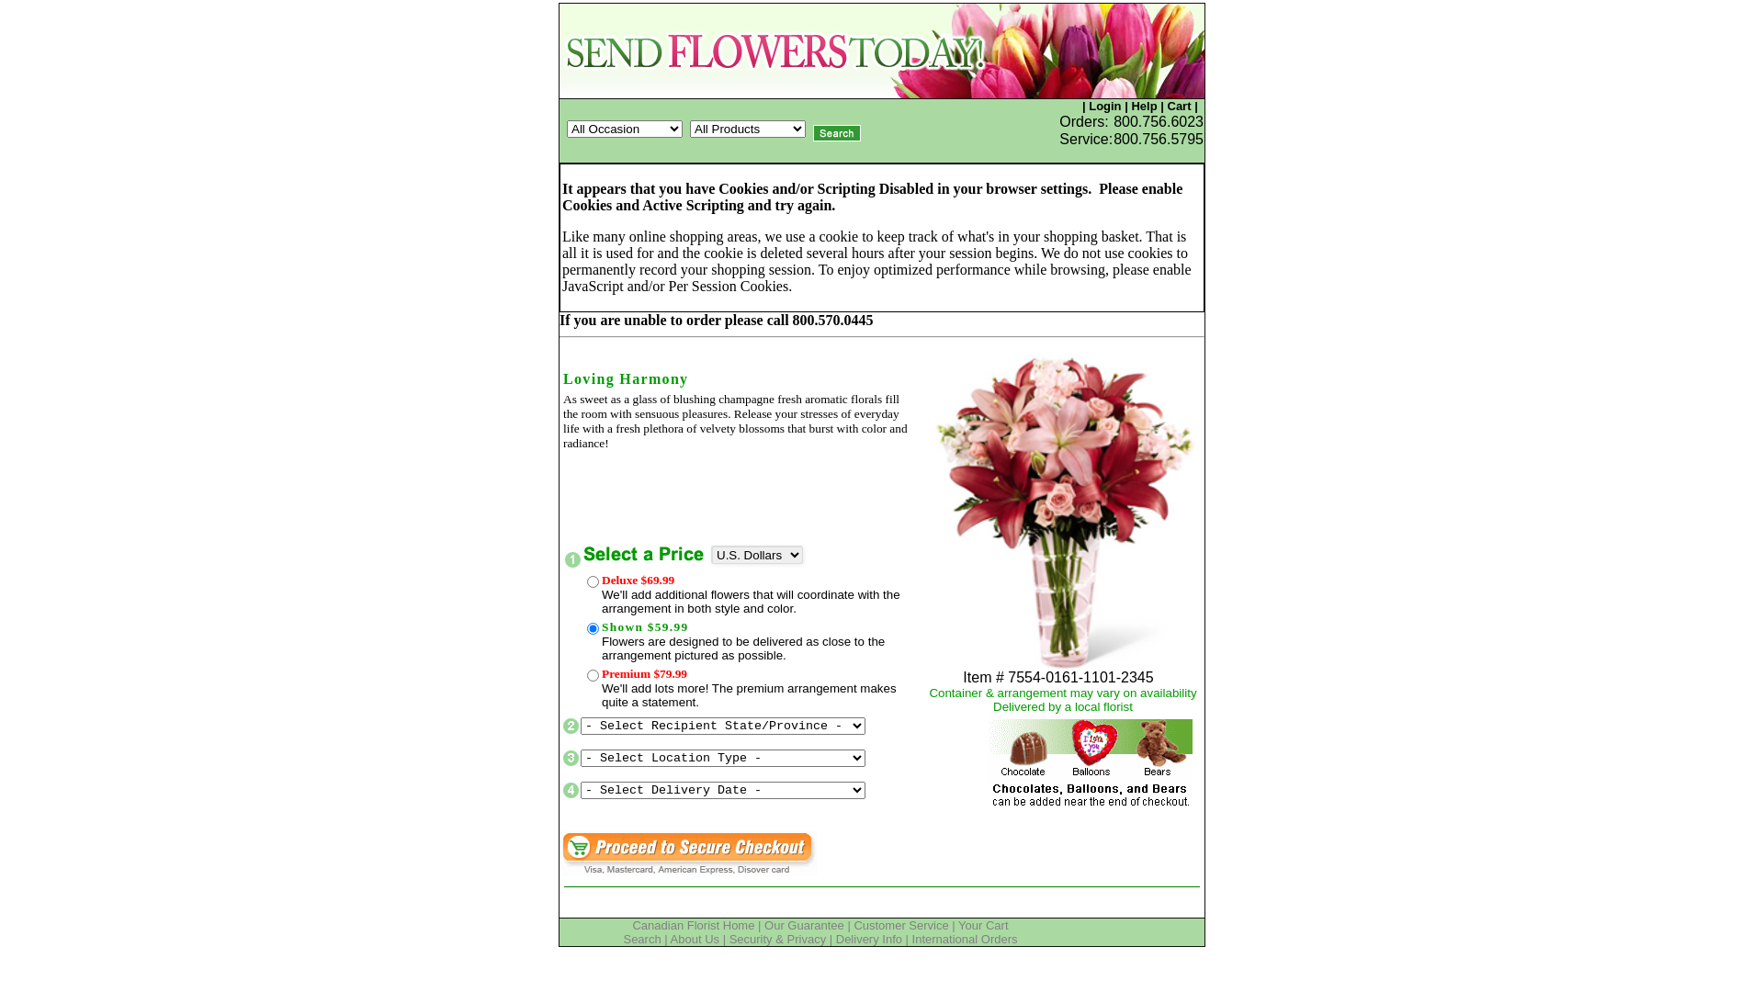 The height and width of the screenshot is (992, 1764). What do you see at coordinates (631, 925) in the screenshot?
I see `'Canadian Florist Home'` at bounding box center [631, 925].